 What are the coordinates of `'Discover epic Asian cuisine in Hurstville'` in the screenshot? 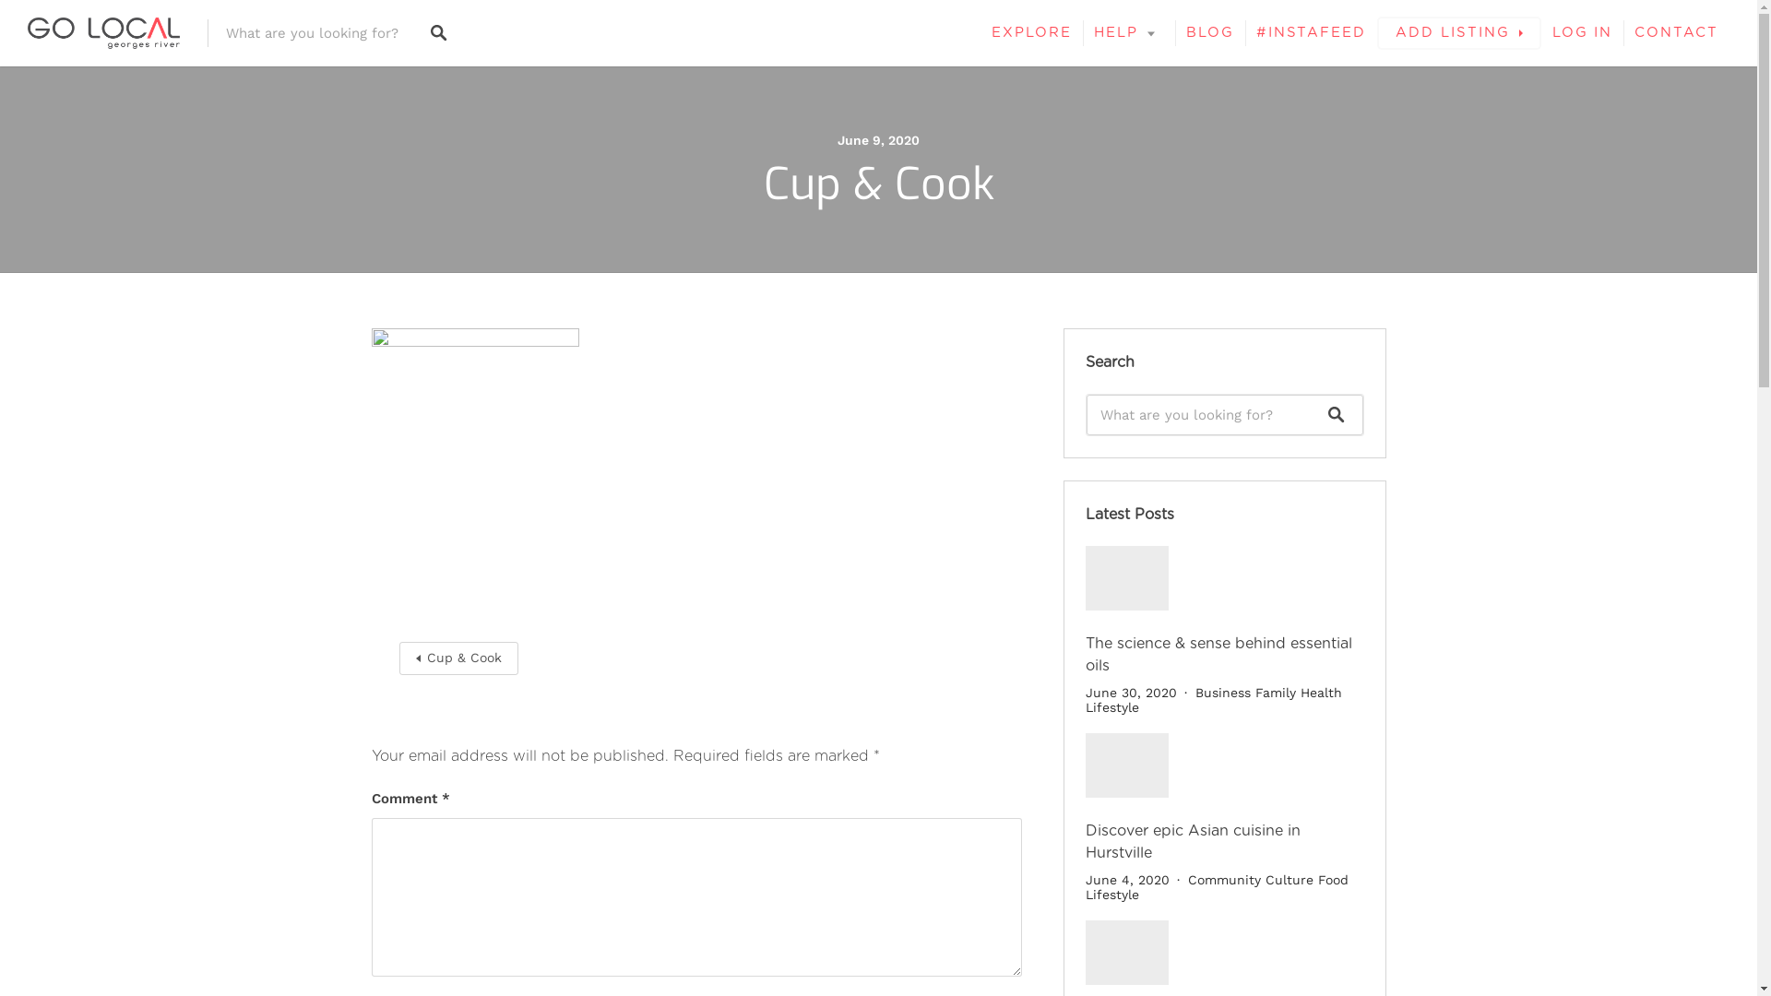 It's located at (1192, 842).